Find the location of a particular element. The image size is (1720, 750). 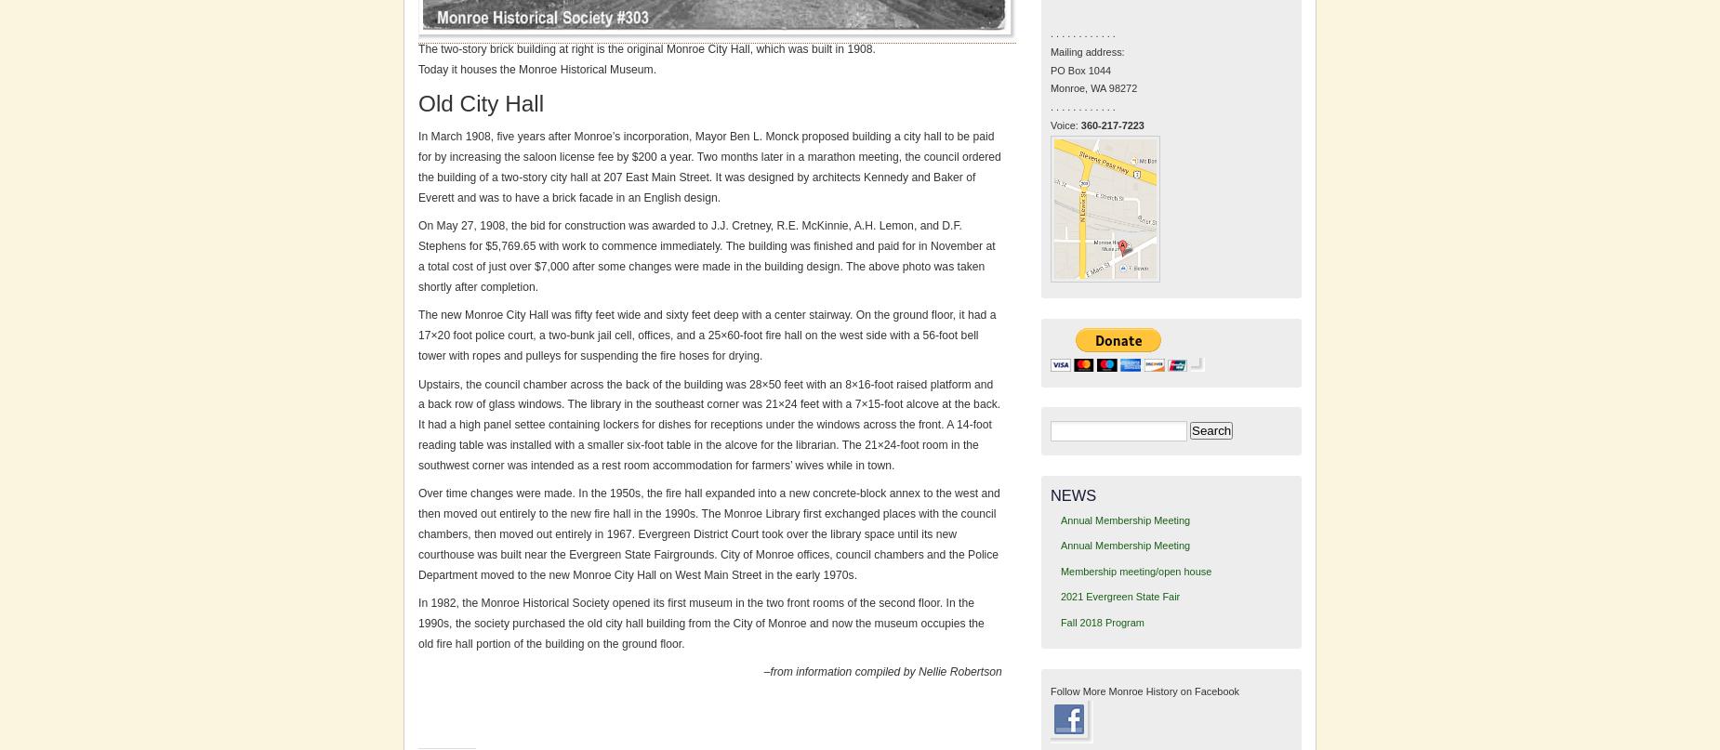

'–from information compiled by Nellie Robertson' is located at coordinates (881, 671).